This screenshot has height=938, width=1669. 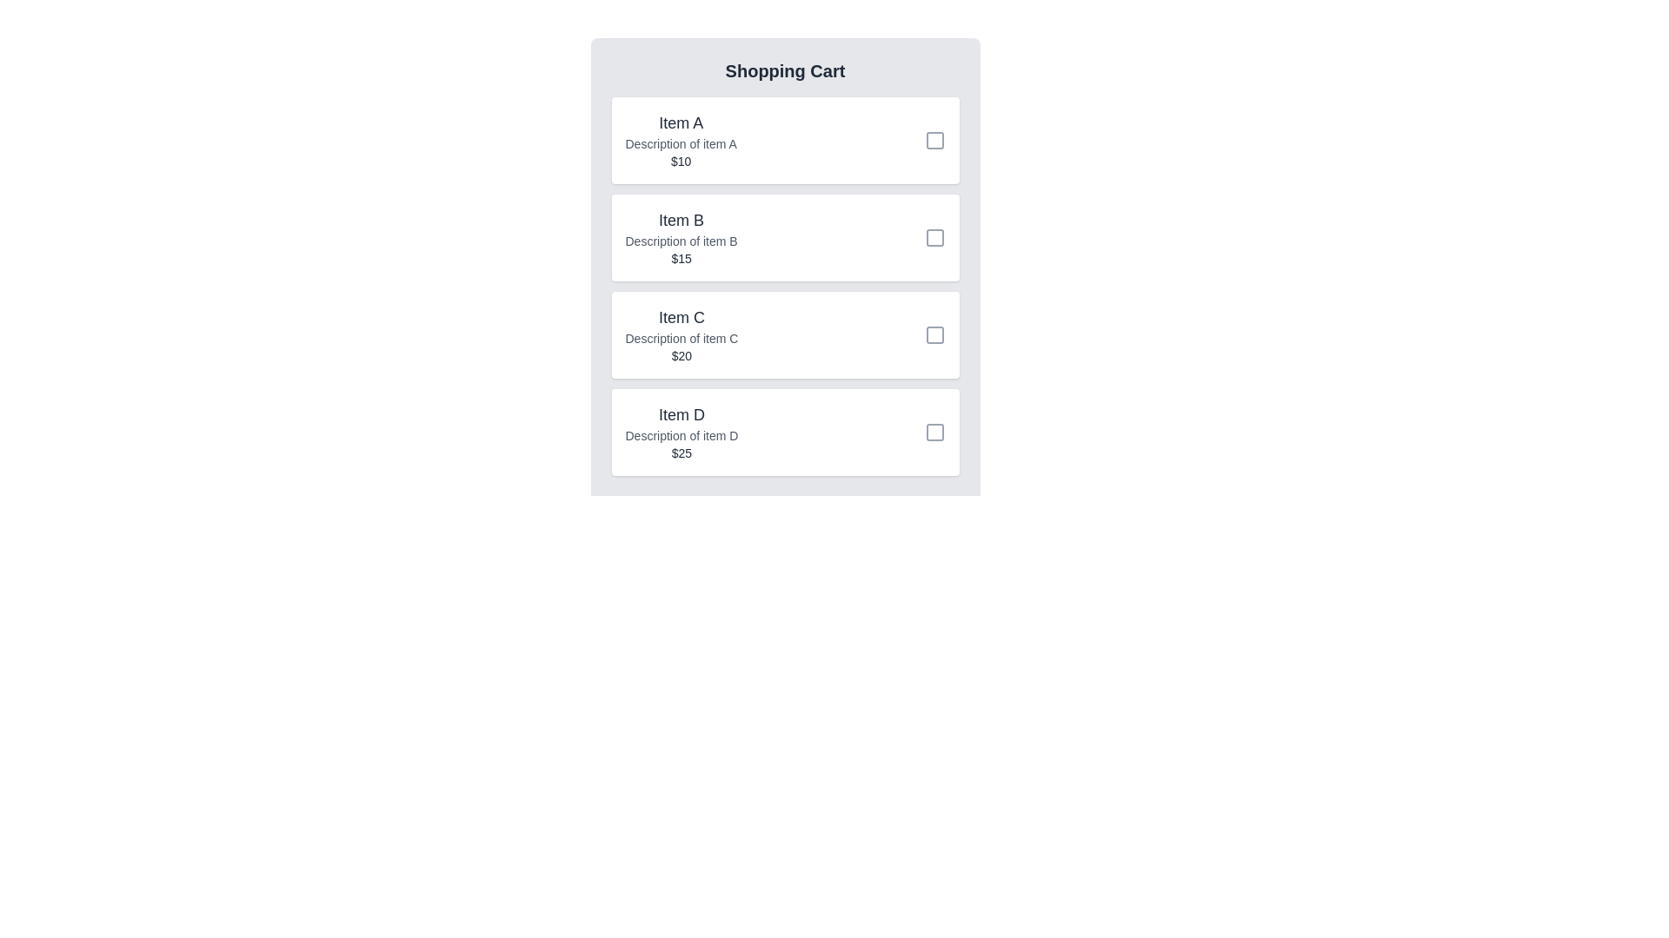 I want to click on the action button located to the far right of the row associated with 'Item D', which is near the text '$25', so click(x=934, y=431).